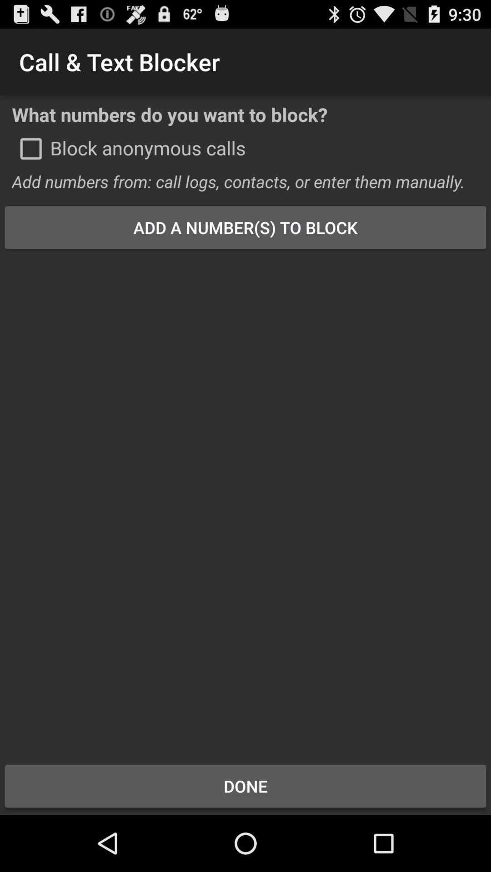 This screenshot has width=491, height=872. Describe the element at coordinates (30, 149) in the screenshot. I see `the item below the what numbers do app` at that location.